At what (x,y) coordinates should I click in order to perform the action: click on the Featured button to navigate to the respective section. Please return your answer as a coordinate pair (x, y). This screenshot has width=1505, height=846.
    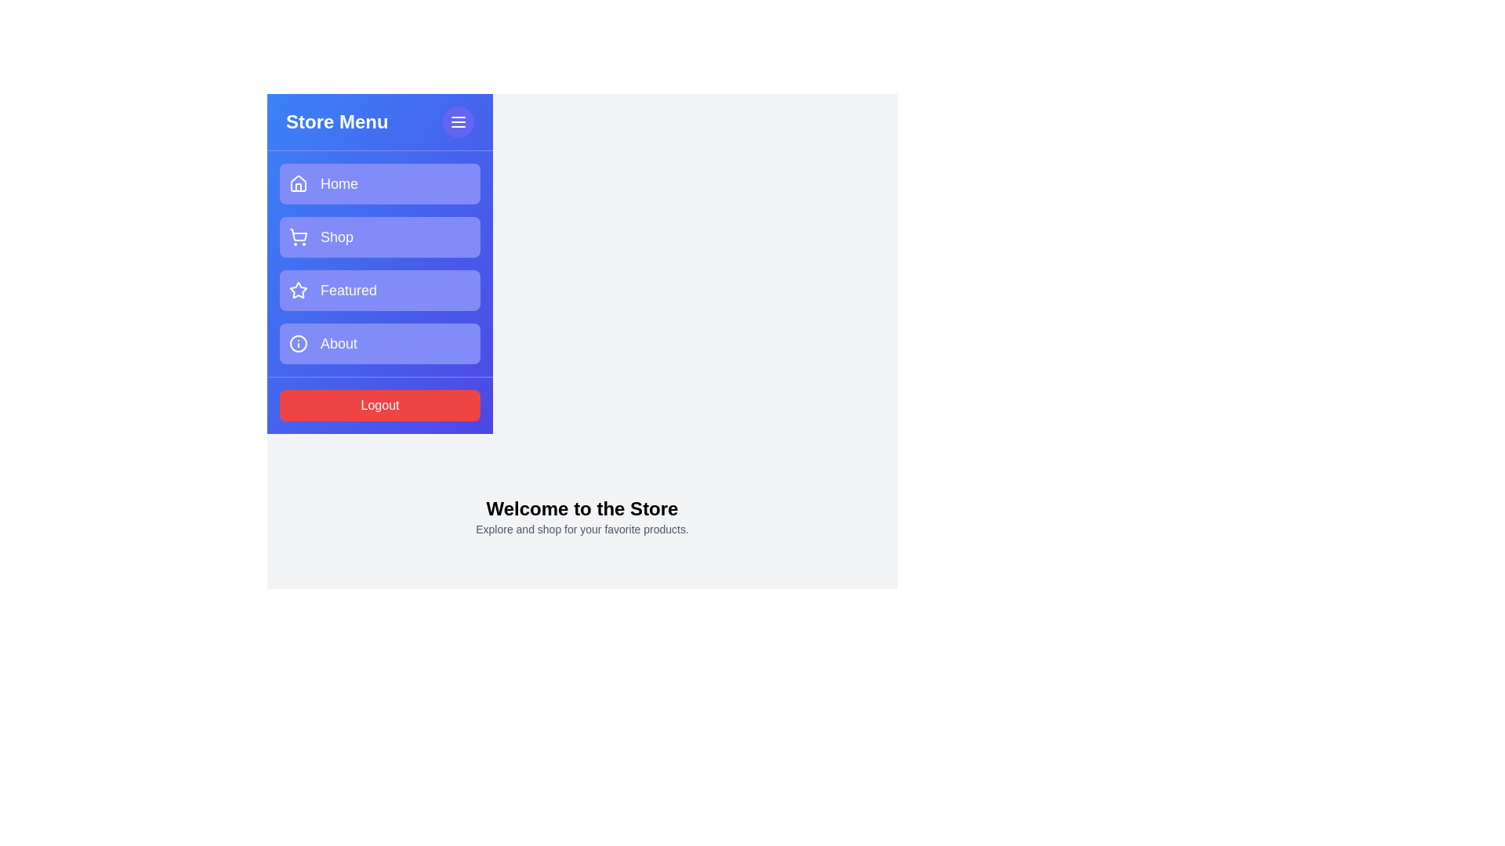
    Looking at the image, I should click on (379, 290).